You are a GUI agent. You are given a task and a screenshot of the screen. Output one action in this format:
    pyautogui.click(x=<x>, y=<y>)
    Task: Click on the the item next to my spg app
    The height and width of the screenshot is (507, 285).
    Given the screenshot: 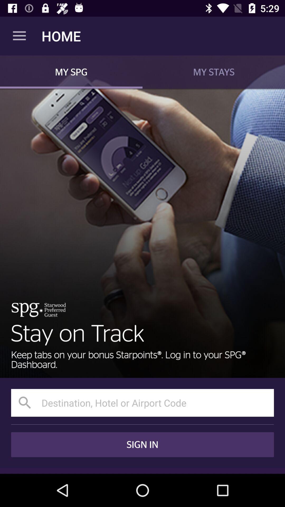 What is the action you would take?
    pyautogui.click(x=214, y=72)
    